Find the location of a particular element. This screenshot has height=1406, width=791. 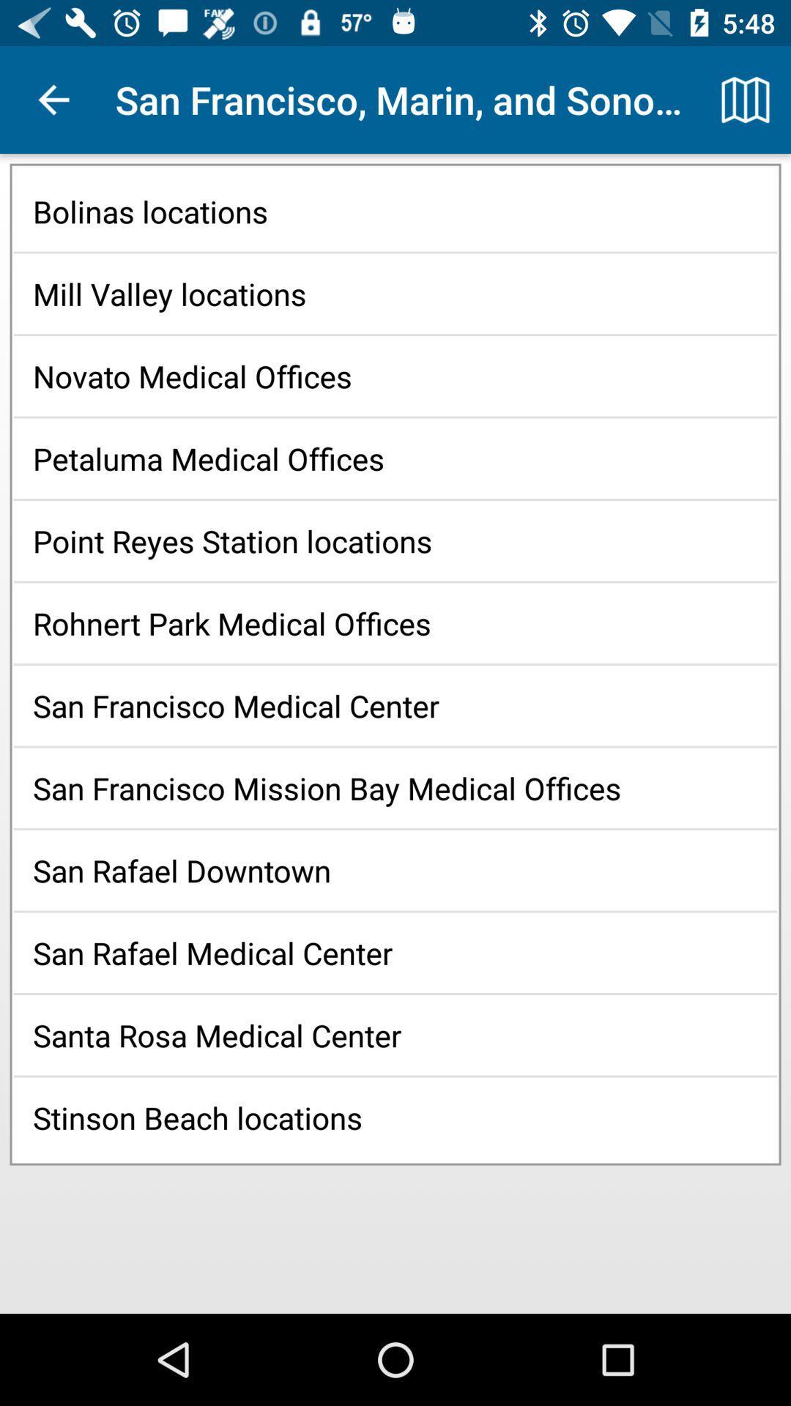

icon at the top left corner is located at coordinates (53, 99).